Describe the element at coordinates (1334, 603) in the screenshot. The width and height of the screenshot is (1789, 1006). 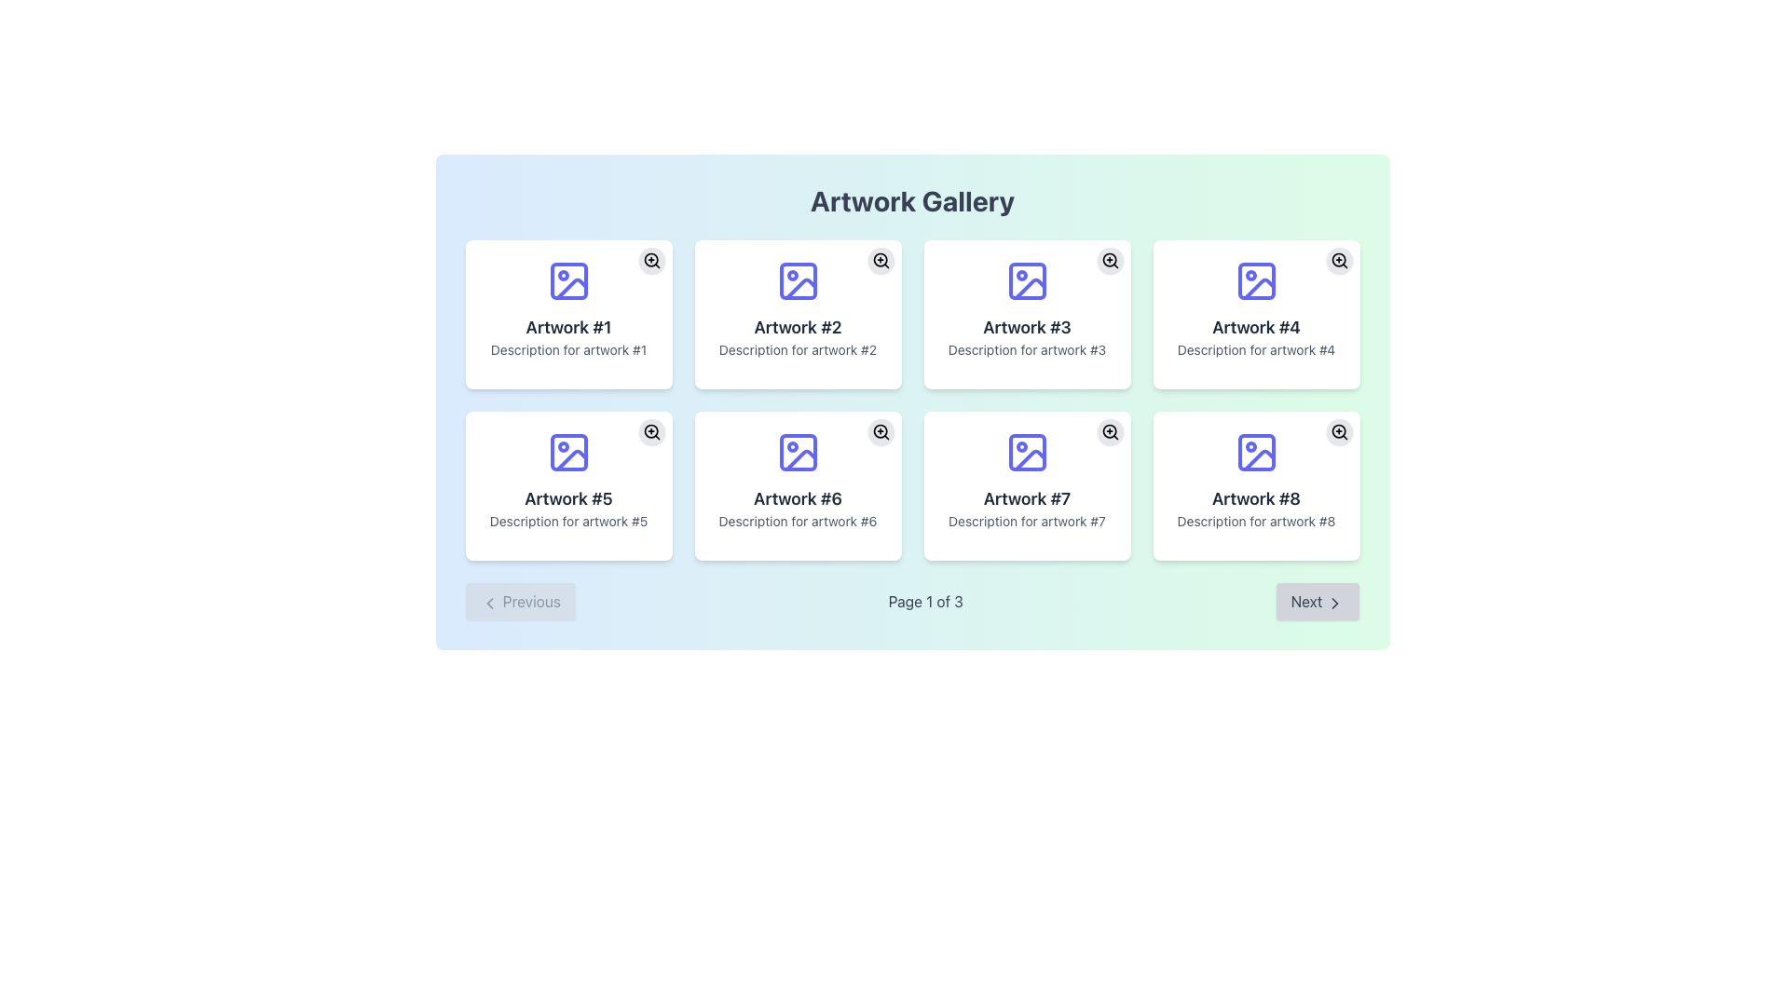
I see `the arrow icon located inside the 'Next' button at the bottom right of the interface, positioned next to the text 'Next'` at that location.